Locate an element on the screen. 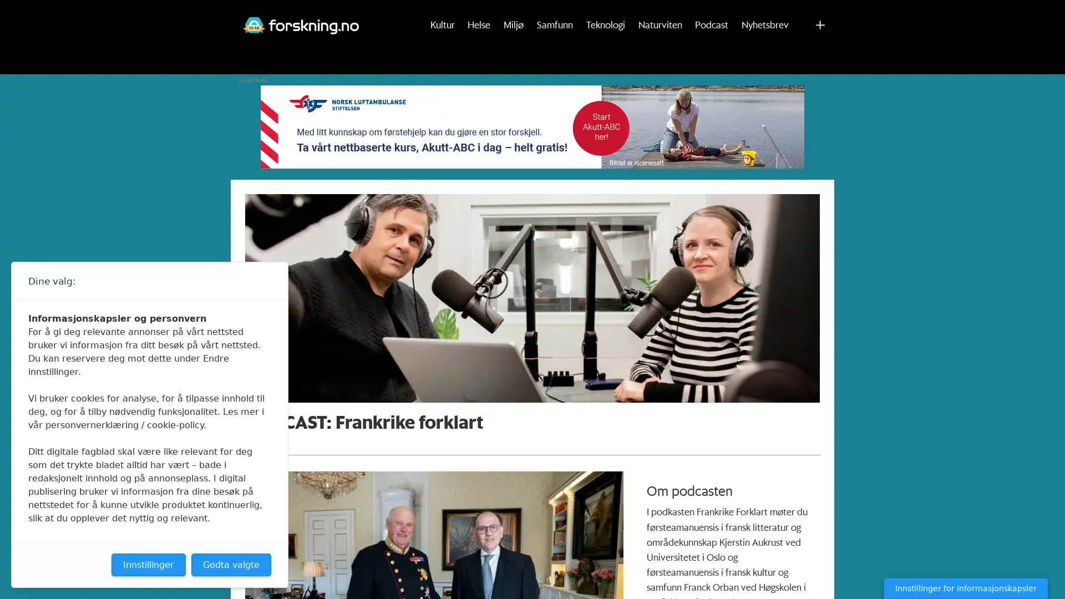 This screenshot has width=1065, height=599. logo for ung.forskning.no is located at coordinates (782, 12).